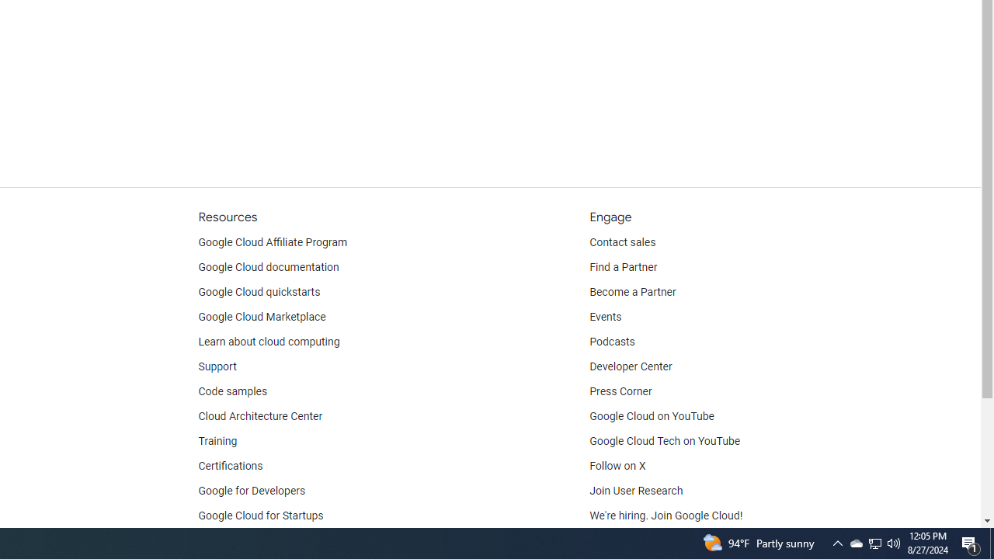 The image size is (994, 559). Describe the element at coordinates (636, 491) in the screenshot. I see `'Join User Research'` at that location.